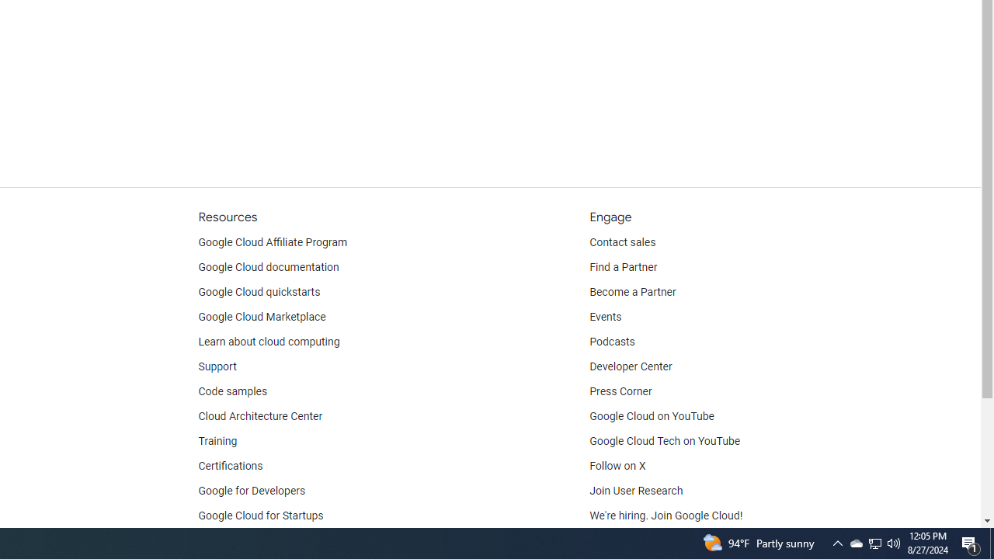 The image size is (994, 559). Describe the element at coordinates (636, 491) in the screenshot. I see `'Join User Research'` at that location.